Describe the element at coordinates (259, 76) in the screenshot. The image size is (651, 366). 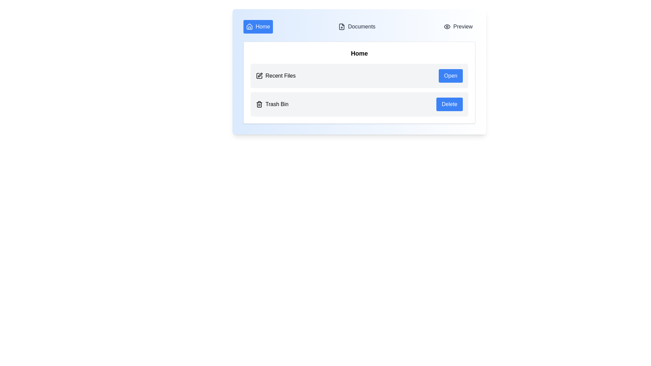
I see `the pen icon with a square outline located to the left of the 'Recent Files' text in the file management section` at that location.